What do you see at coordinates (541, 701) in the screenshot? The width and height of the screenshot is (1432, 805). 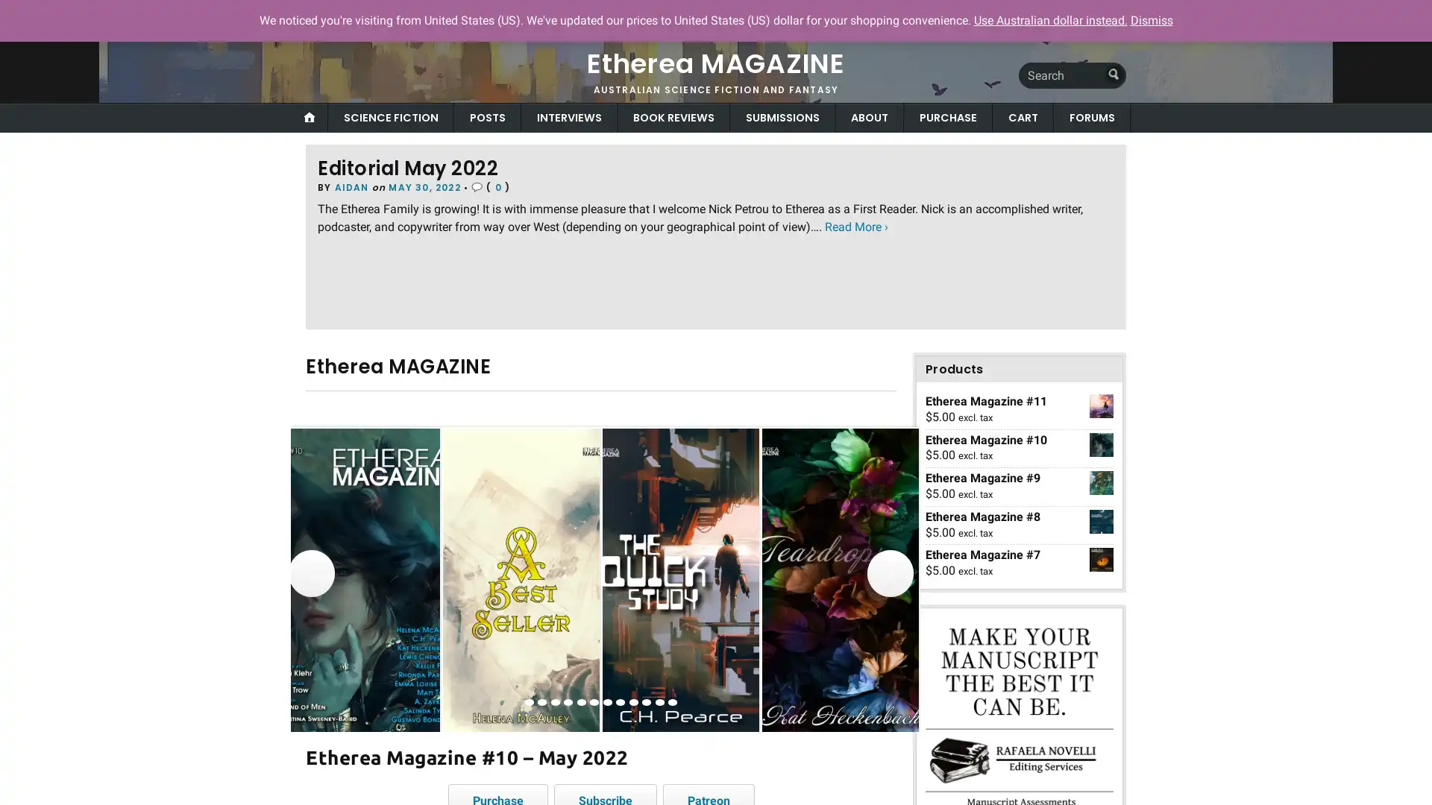 I see `view image 2 of 12 in carousel` at bounding box center [541, 701].